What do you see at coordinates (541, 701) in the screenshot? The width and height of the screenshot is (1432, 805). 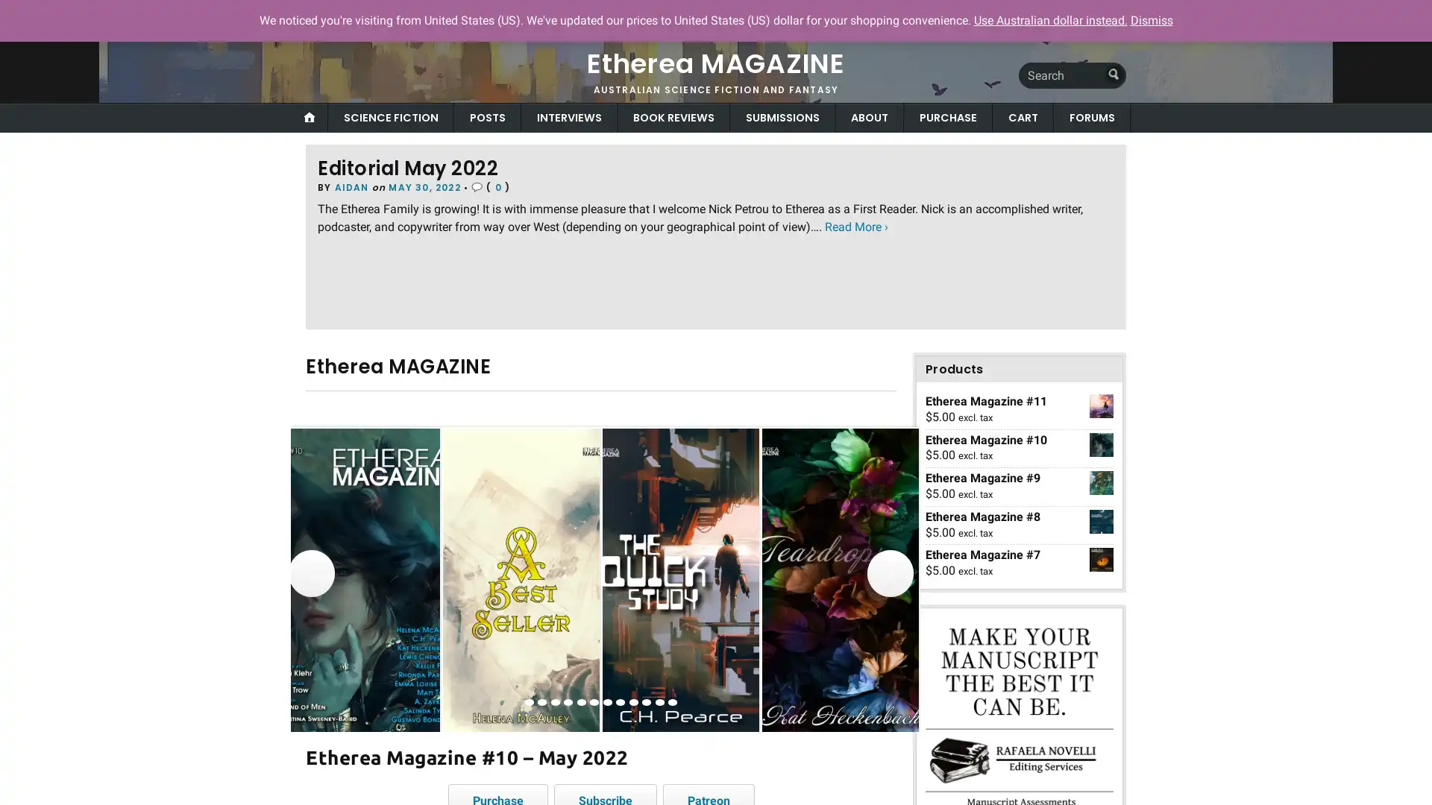 I see `view image 2 of 12 in carousel` at bounding box center [541, 701].